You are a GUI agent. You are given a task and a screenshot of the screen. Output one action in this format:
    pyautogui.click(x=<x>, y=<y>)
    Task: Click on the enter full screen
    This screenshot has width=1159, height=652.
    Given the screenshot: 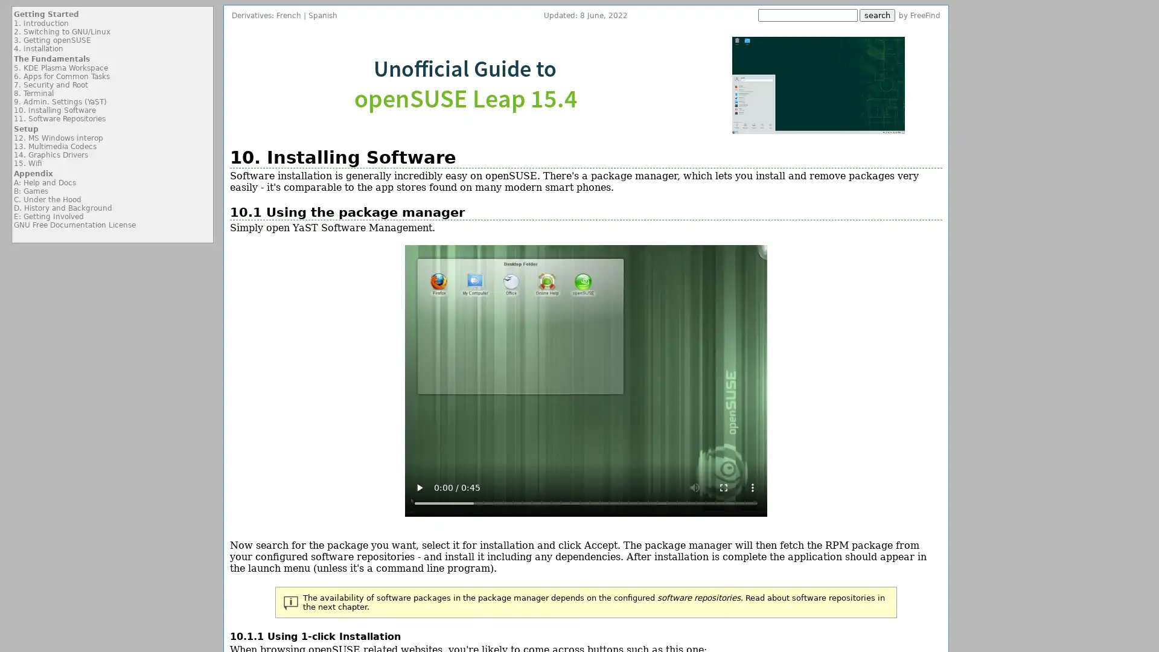 What is the action you would take?
    pyautogui.click(x=723, y=487)
    